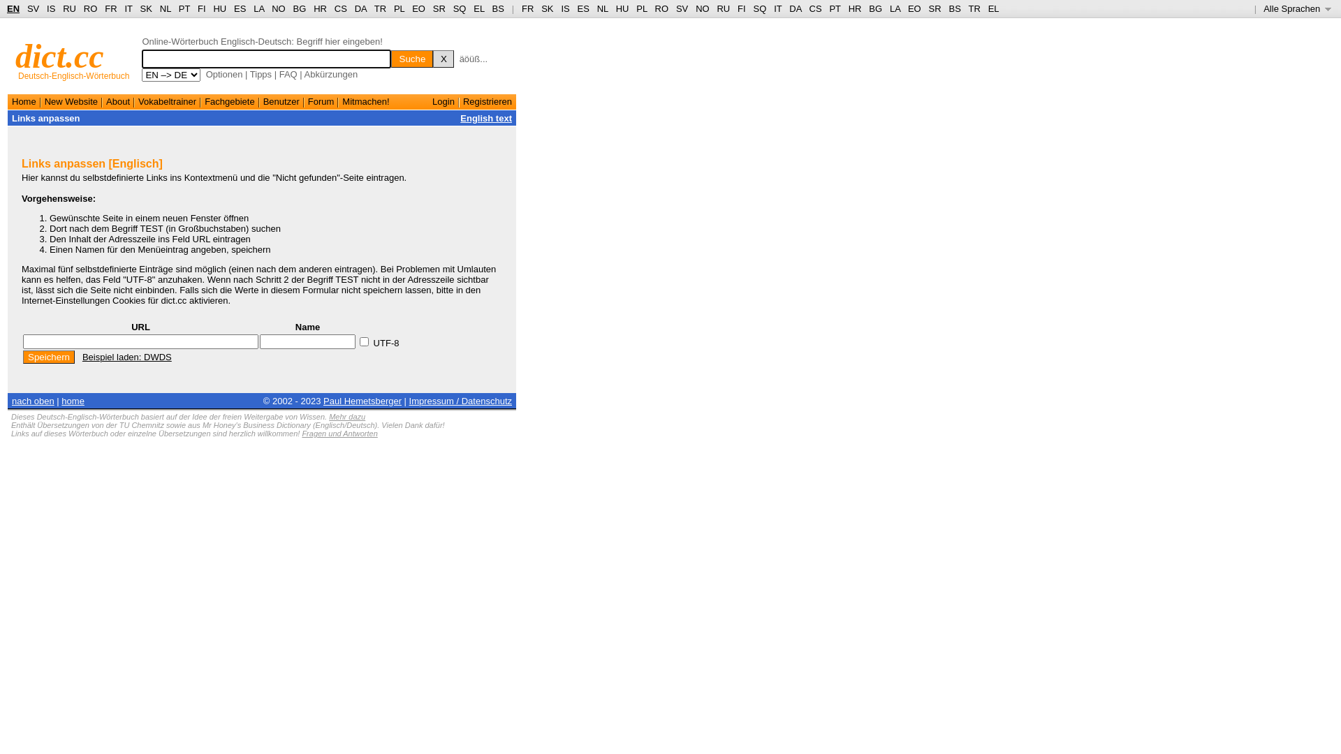 Image resolution: width=1341 pixels, height=754 pixels. What do you see at coordinates (380, 8) in the screenshot?
I see `'TR'` at bounding box center [380, 8].